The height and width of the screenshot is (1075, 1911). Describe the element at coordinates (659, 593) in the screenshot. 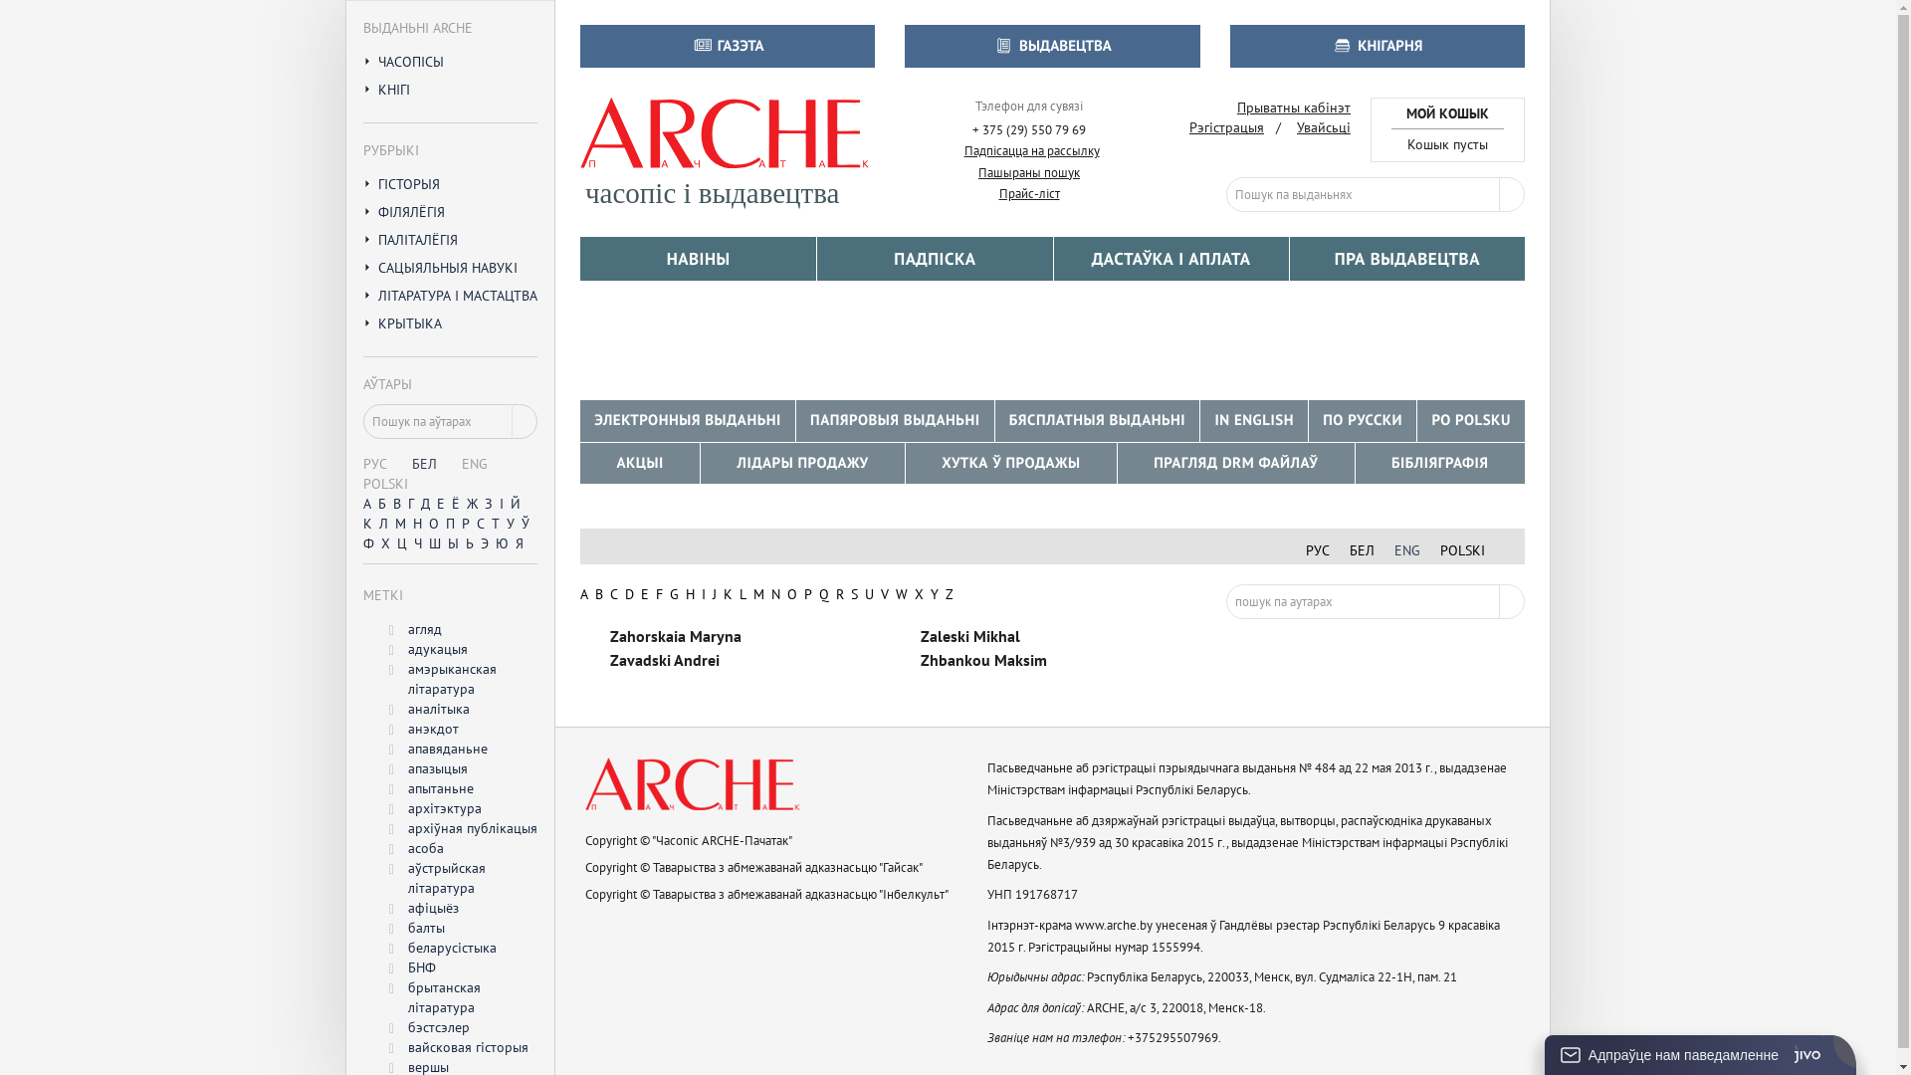

I see `'F'` at that location.